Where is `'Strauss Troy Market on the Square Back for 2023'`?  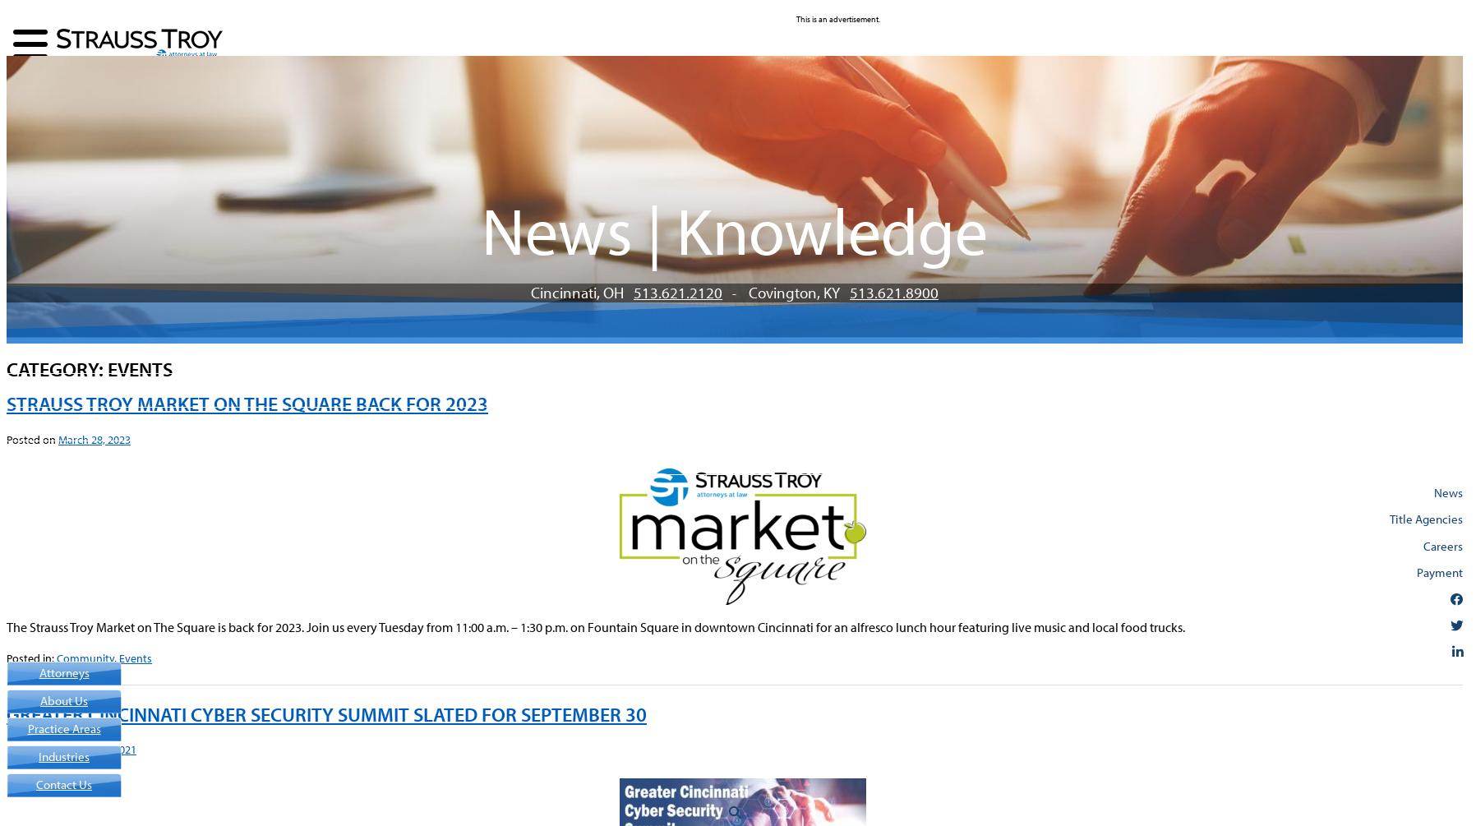
'Strauss Troy Market on the Square Back for 2023' is located at coordinates (247, 404).